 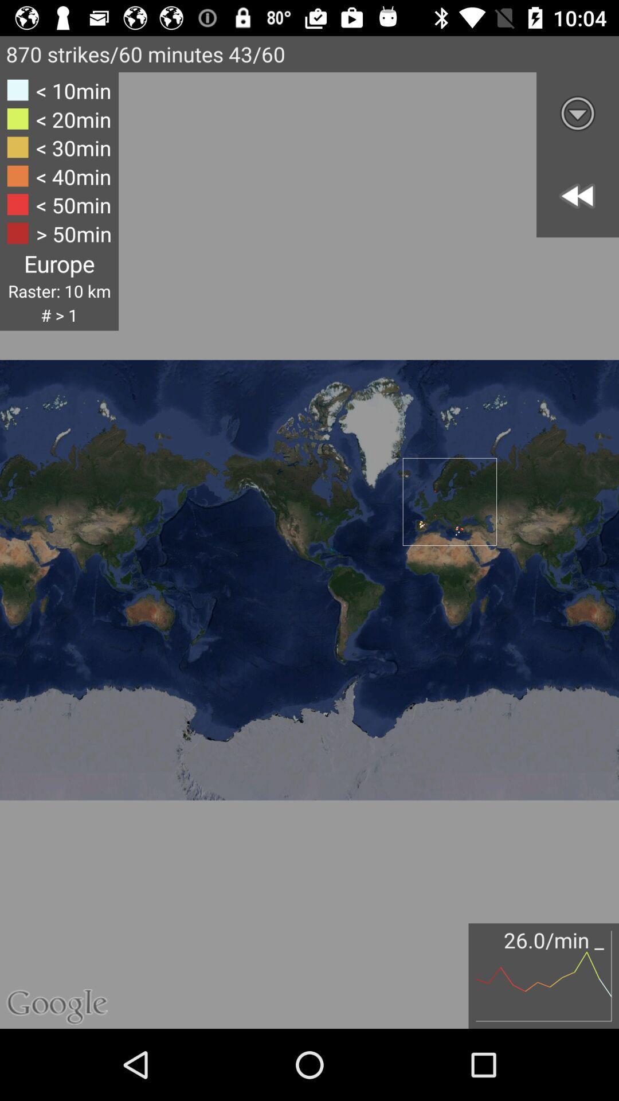 I want to click on item at the bottom right corner, so click(x=543, y=975).